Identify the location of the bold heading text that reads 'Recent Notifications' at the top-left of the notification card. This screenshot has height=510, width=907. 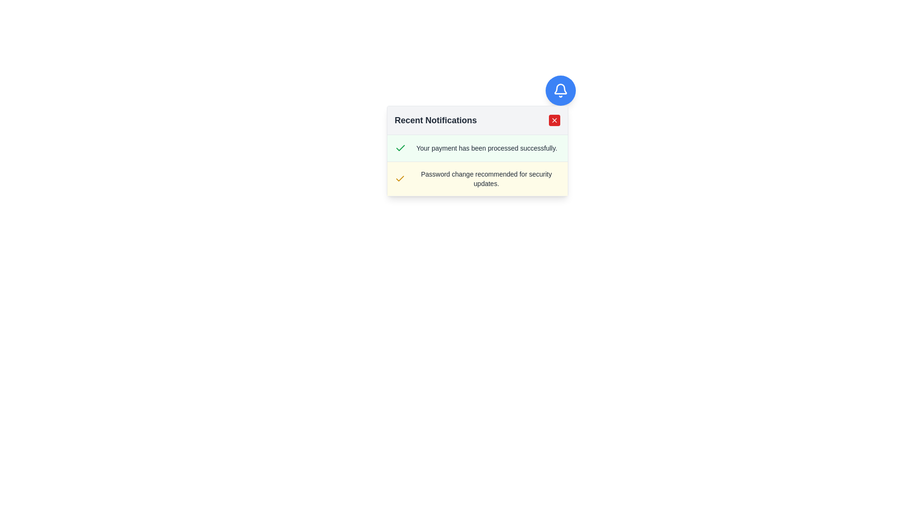
(435, 119).